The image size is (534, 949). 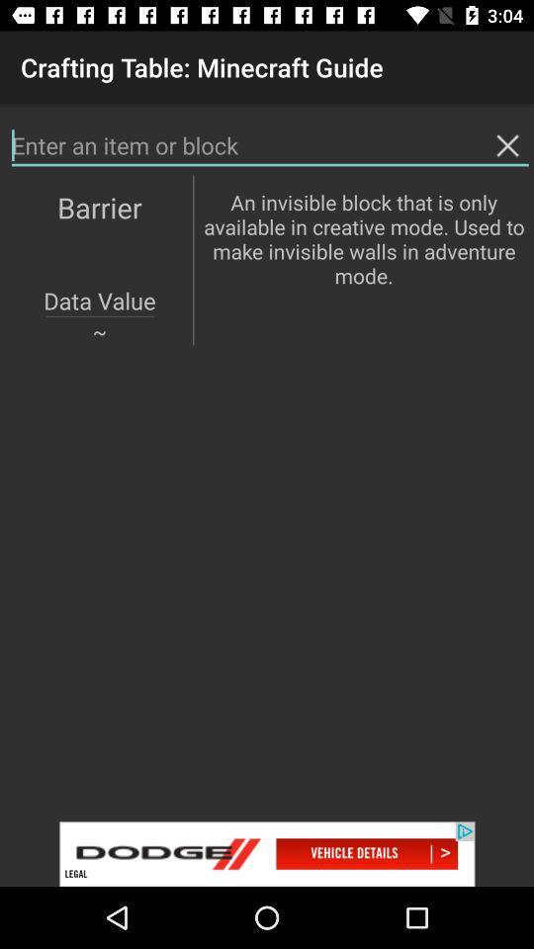 I want to click on an item or block, so click(x=269, y=144).